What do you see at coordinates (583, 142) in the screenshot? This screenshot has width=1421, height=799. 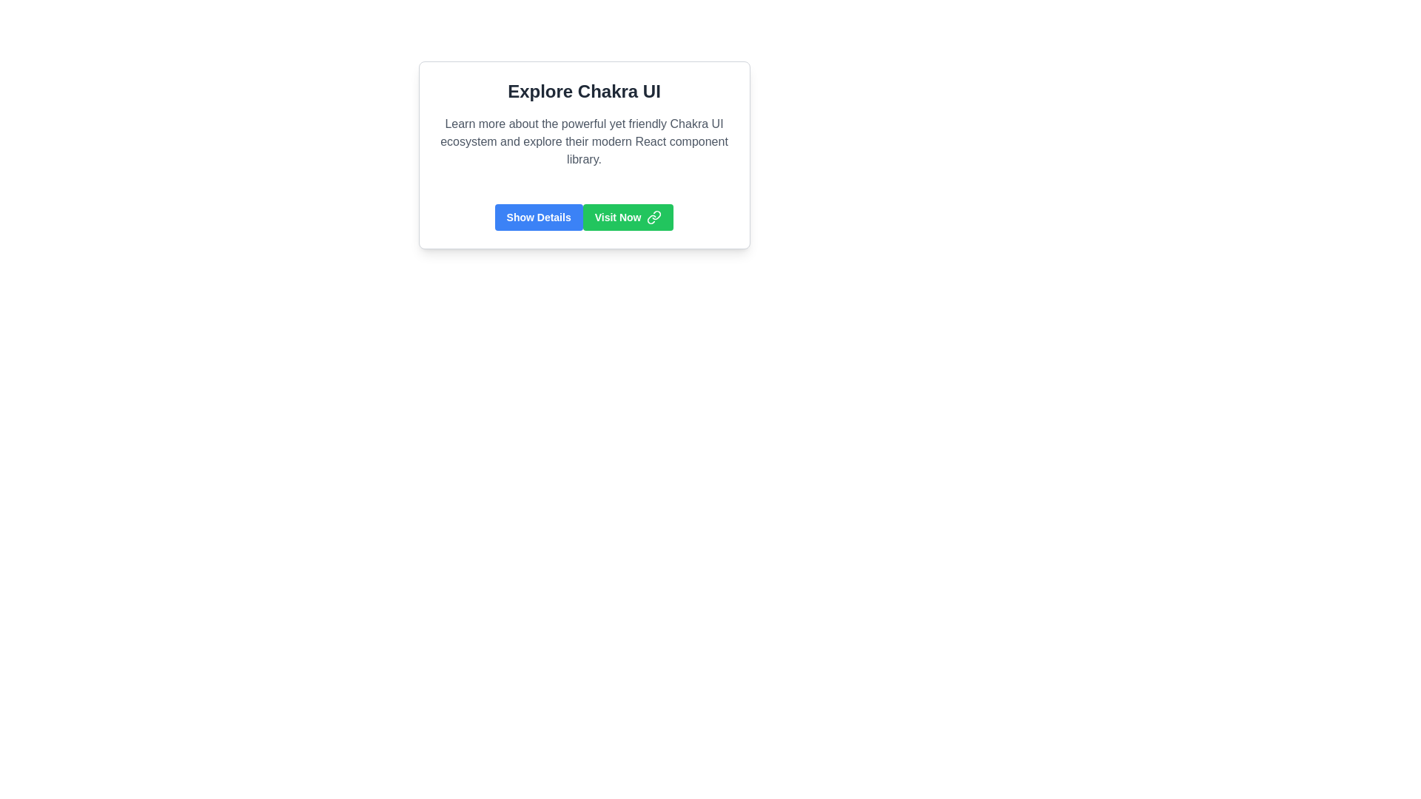 I see `text block containing the content 'Learn more about the powerful yet friendly Chakra UI ecosystem and explore their modern React component library.', which is aligned left and located beneath the header 'Explore Chakra UI'` at bounding box center [583, 142].